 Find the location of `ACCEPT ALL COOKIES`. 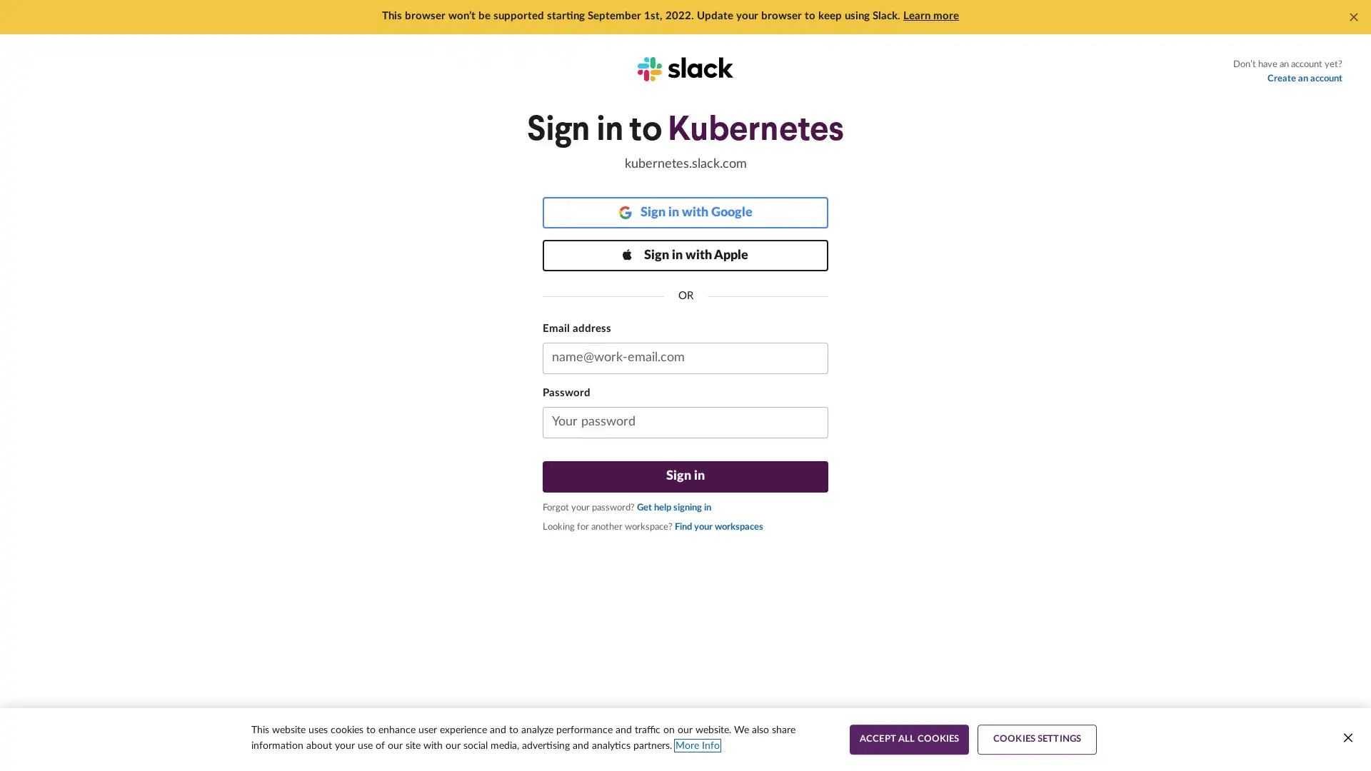

ACCEPT ALL COOKIES is located at coordinates (908, 739).